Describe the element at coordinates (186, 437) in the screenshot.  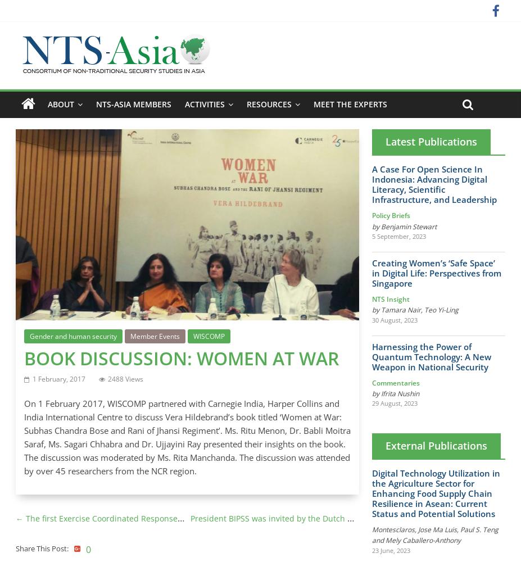
I see `'On 1 February 2017, WISCOMP partnered with Carnegie India, Harper Collins and India International Centre to discuss Vera Hildebrand’s book titled ‘Women at War: Subhas Chandra Bose and Rani of Jhansi Regiment’. Ms. Ritu Menon, Dr. Babli Moitra Saraf, Ms. Sagari Chhabra and Dr. Ujjayini Ray presented their insights on the book. The discussion was moderated by Ms. Rita Manchanda. The discussion was attended by over 45 researchers from the NCR region.'` at that location.